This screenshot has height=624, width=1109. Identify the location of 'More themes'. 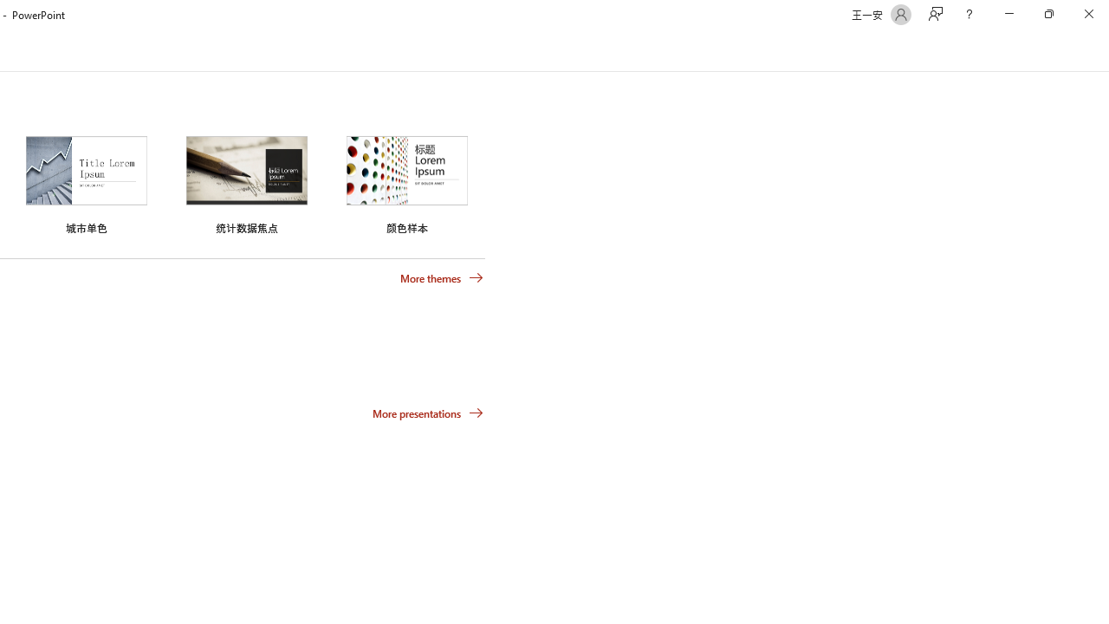
(442, 277).